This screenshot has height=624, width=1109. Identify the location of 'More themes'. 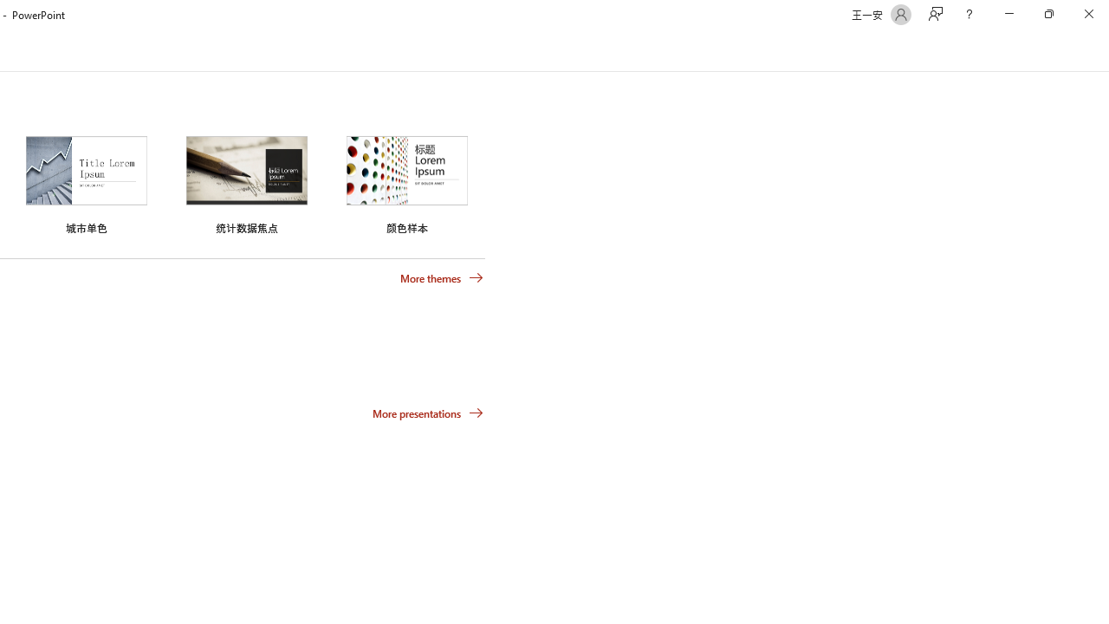
(442, 277).